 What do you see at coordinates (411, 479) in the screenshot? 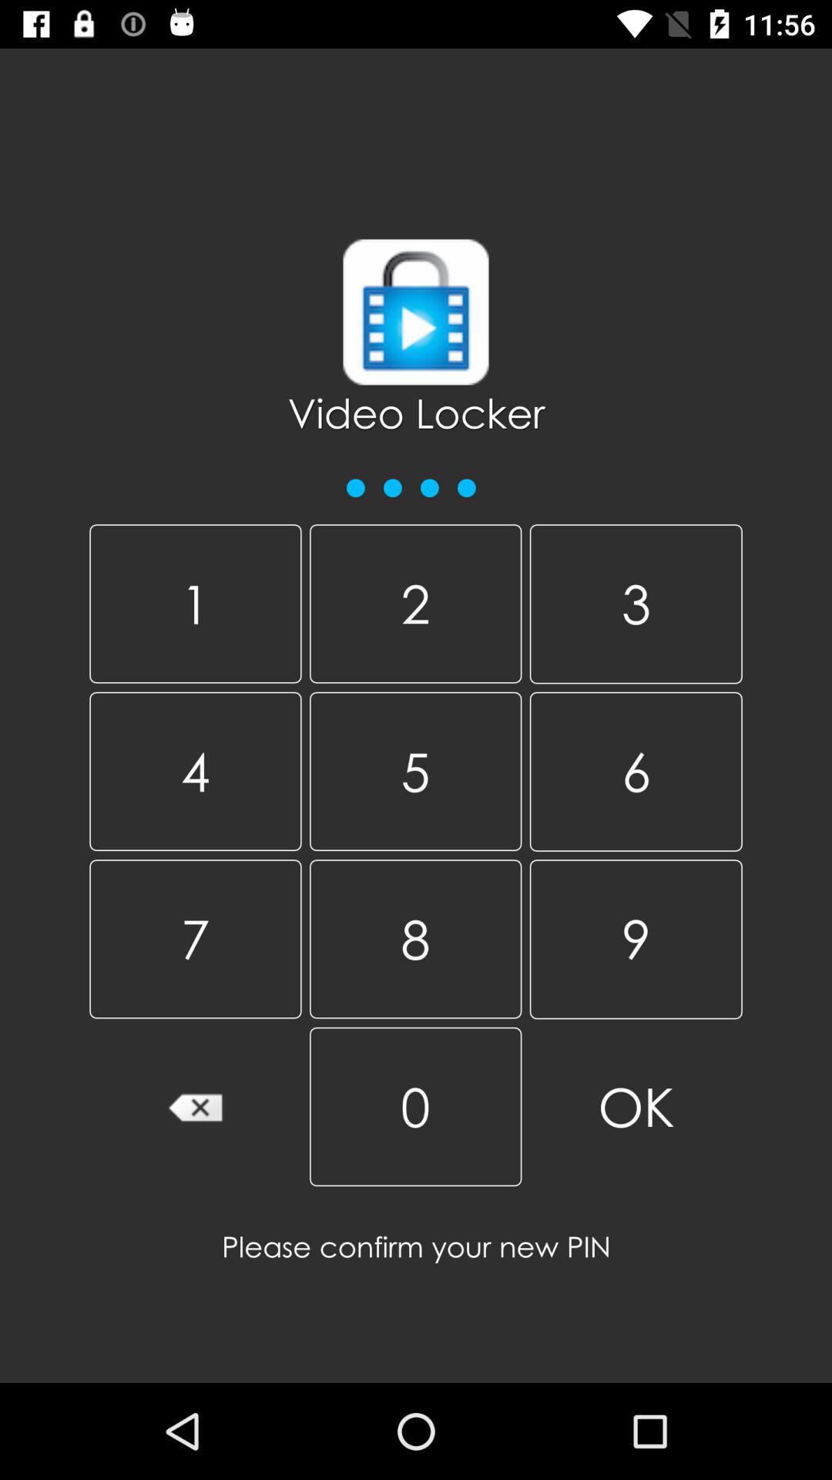
I see `the 1234 icon` at bounding box center [411, 479].